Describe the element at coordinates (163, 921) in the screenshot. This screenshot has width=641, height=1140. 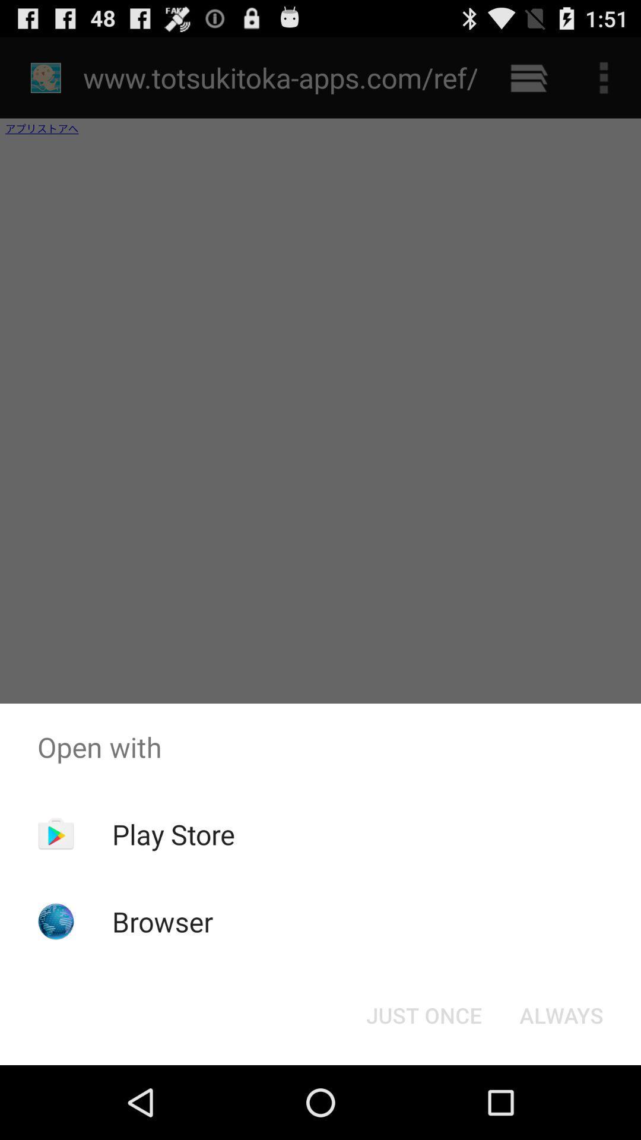
I see `the browser item` at that location.